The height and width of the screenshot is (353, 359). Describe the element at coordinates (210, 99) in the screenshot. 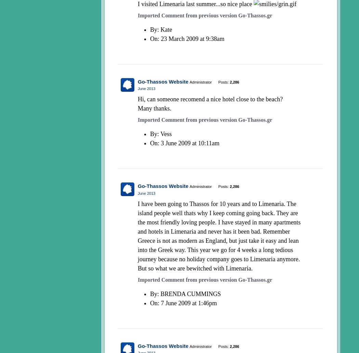

I see `'Hi, can someone recomend a nice hotel close to the beach?'` at that location.